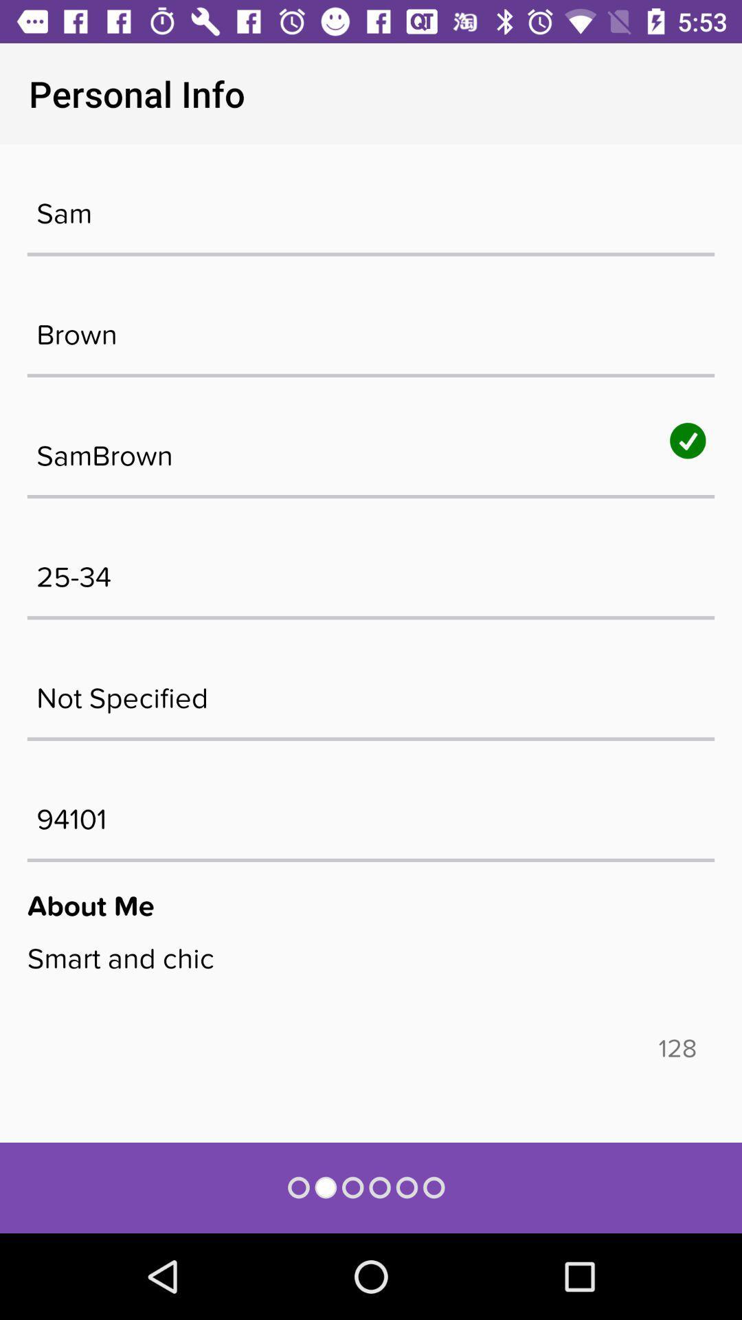  I want to click on the item above 128 icon, so click(371, 987).